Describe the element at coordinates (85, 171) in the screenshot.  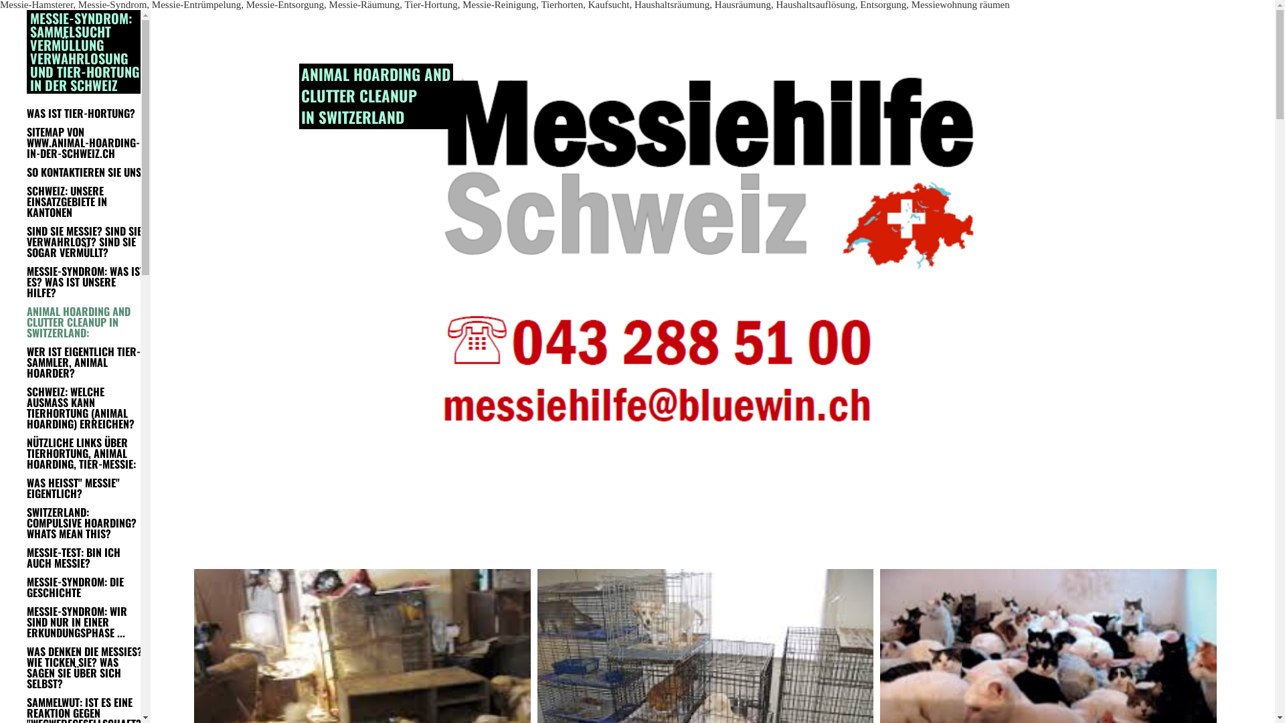
I see `'SO KONTAKTIEREN SIE UNS!'` at that location.